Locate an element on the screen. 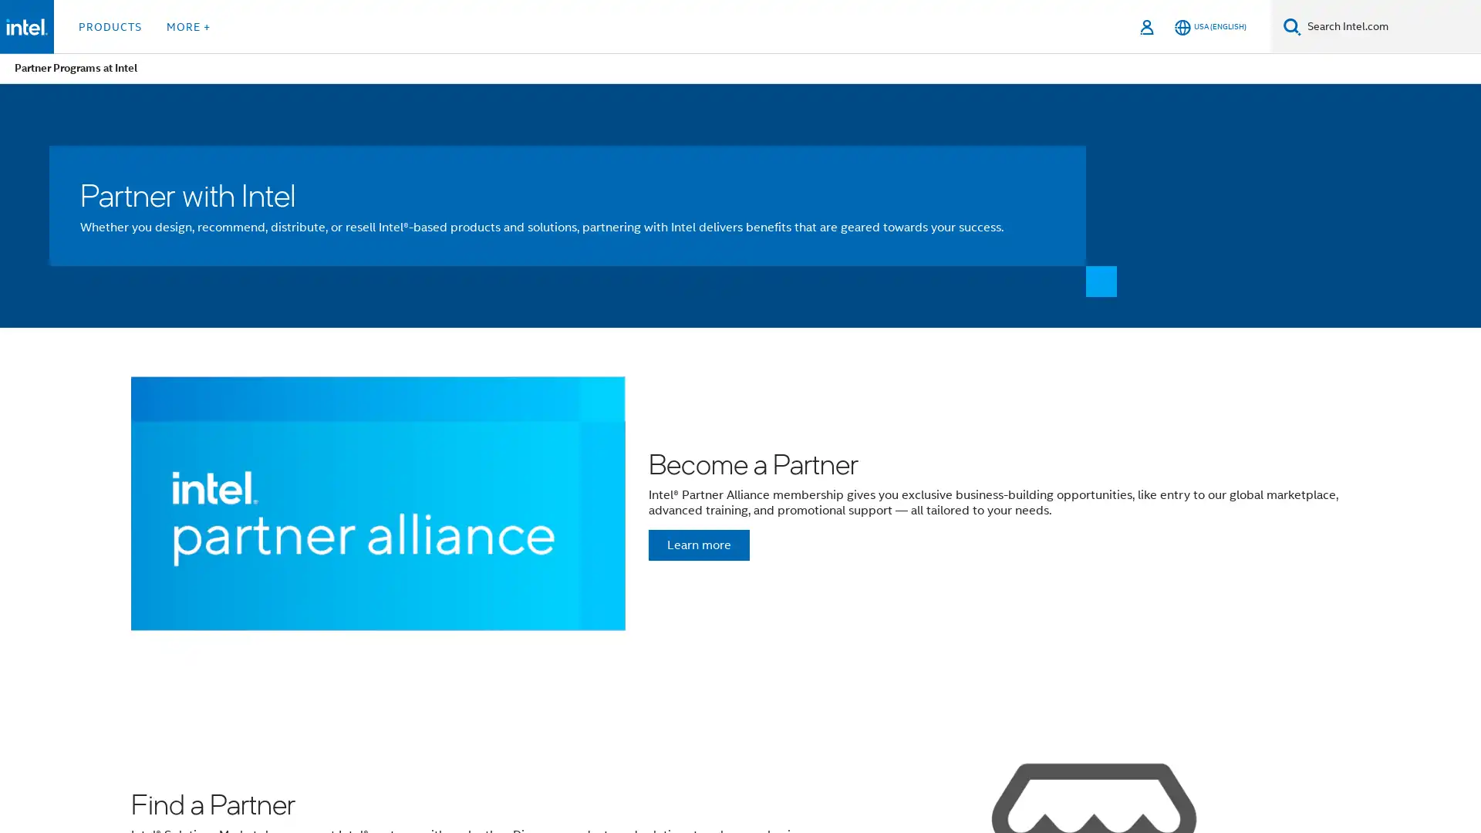 This screenshot has height=833, width=1481. Sign In is located at coordinates (1148, 26).